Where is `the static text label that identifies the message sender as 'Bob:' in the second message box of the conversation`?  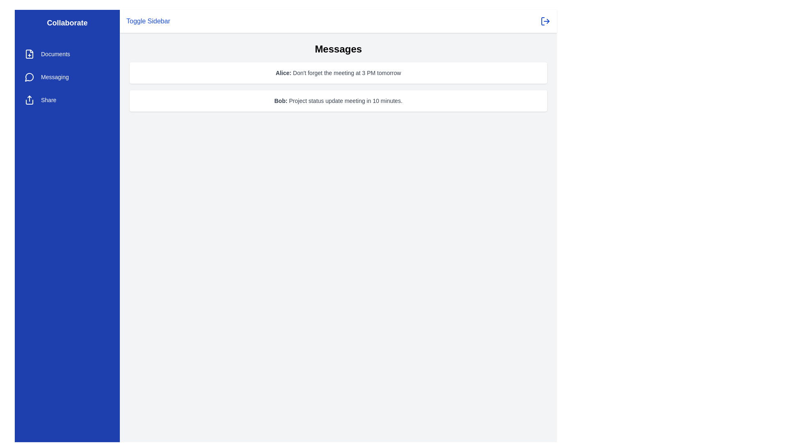
the static text label that identifies the message sender as 'Bob:' in the second message box of the conversation is located at coordinates (281, 100).